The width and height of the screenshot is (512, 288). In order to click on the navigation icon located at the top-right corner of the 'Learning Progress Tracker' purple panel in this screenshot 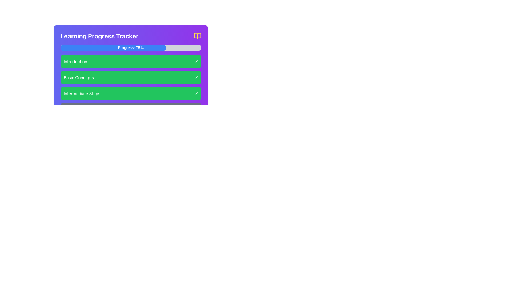, I will do `click(197, 36)`.